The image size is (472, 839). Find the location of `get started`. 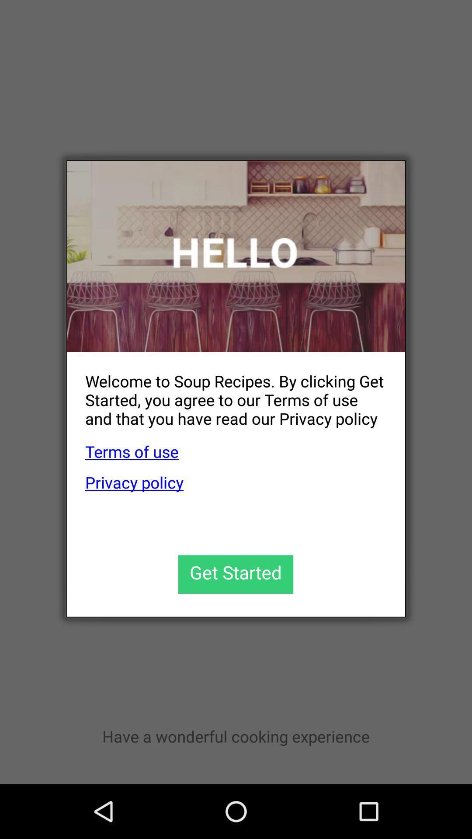

get started is located at coordinates (235, 574).